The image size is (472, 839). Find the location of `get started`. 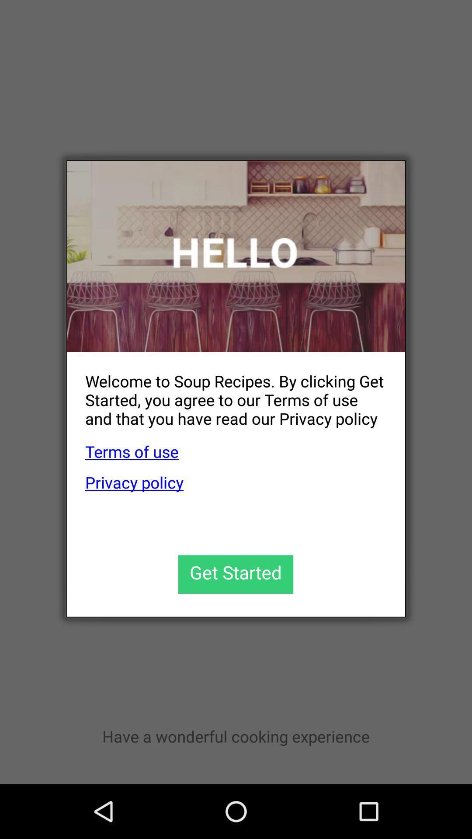

get started is located at coordinates (235, 574).